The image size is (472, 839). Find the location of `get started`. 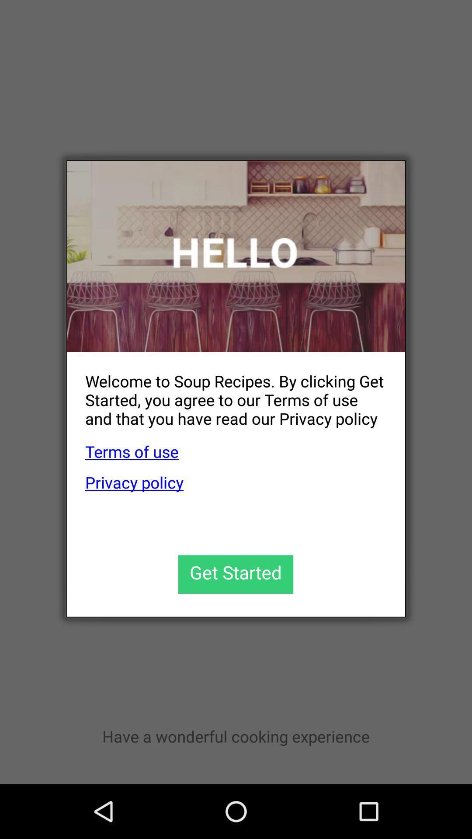

get started is located at coordinates (235, 574).